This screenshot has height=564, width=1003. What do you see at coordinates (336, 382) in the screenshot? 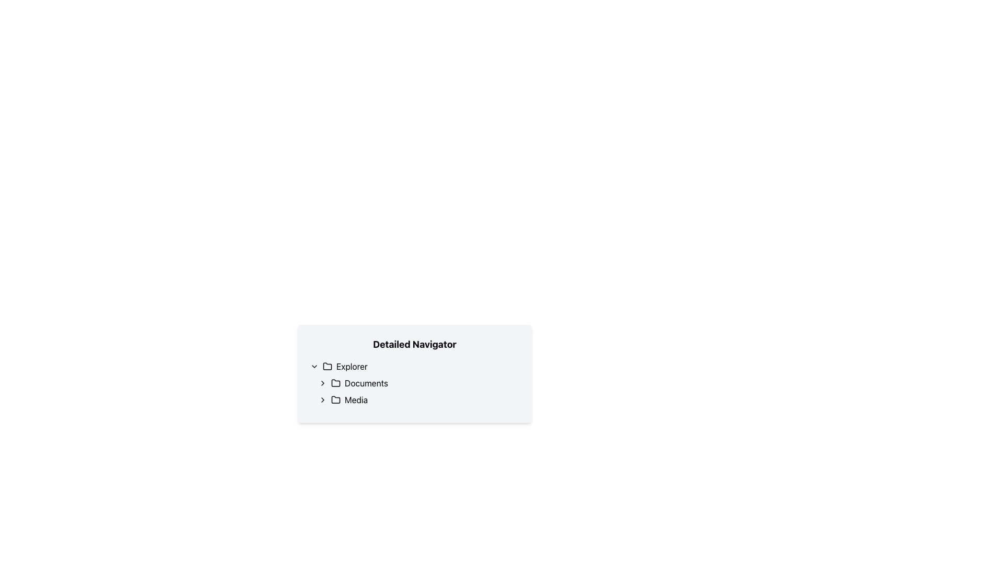
I see `the 'Documents' folder icon located in the 'Detailed Navigator' section under the 'Explorer' category, which is visually represented by a folder-like appearance` at bounding box center [336, 382].